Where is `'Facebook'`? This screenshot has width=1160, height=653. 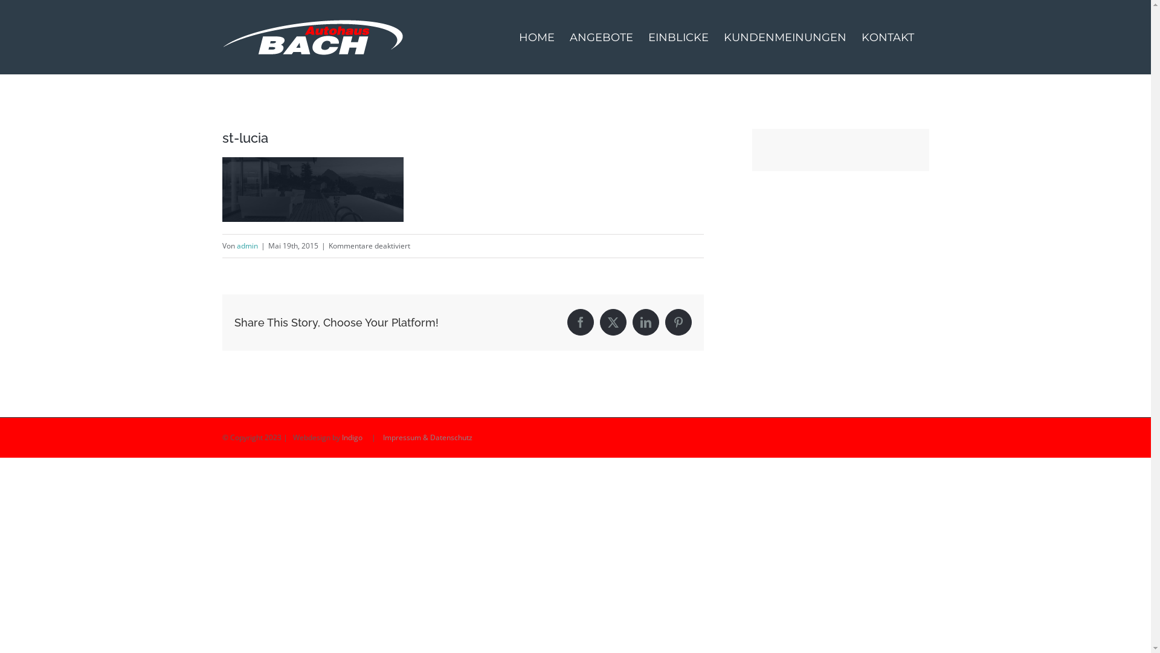 'Facebook' is located at coordinates (580, 321).